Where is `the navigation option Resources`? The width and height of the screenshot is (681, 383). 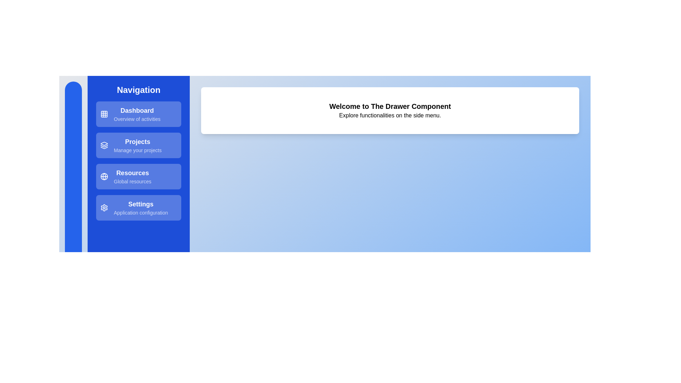
the navigation option Resources is located at coordinates (138, 176).